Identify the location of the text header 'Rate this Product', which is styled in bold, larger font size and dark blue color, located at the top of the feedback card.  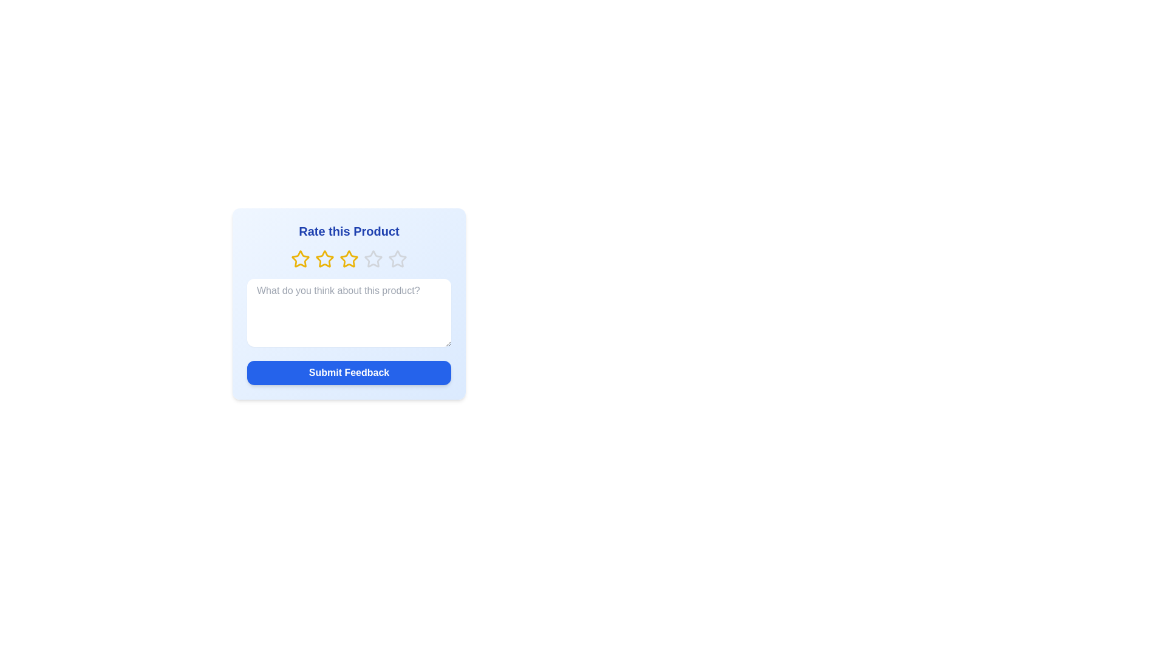
(349, 231).